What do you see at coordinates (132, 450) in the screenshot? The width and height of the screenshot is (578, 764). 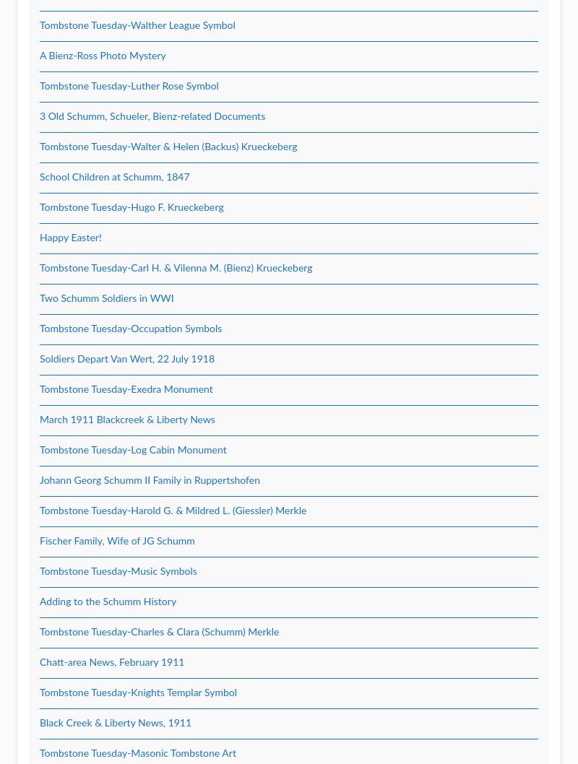 I see `'Tombstone Tuesday-Log Cabin Monument'` at bounding box center [132, 450].